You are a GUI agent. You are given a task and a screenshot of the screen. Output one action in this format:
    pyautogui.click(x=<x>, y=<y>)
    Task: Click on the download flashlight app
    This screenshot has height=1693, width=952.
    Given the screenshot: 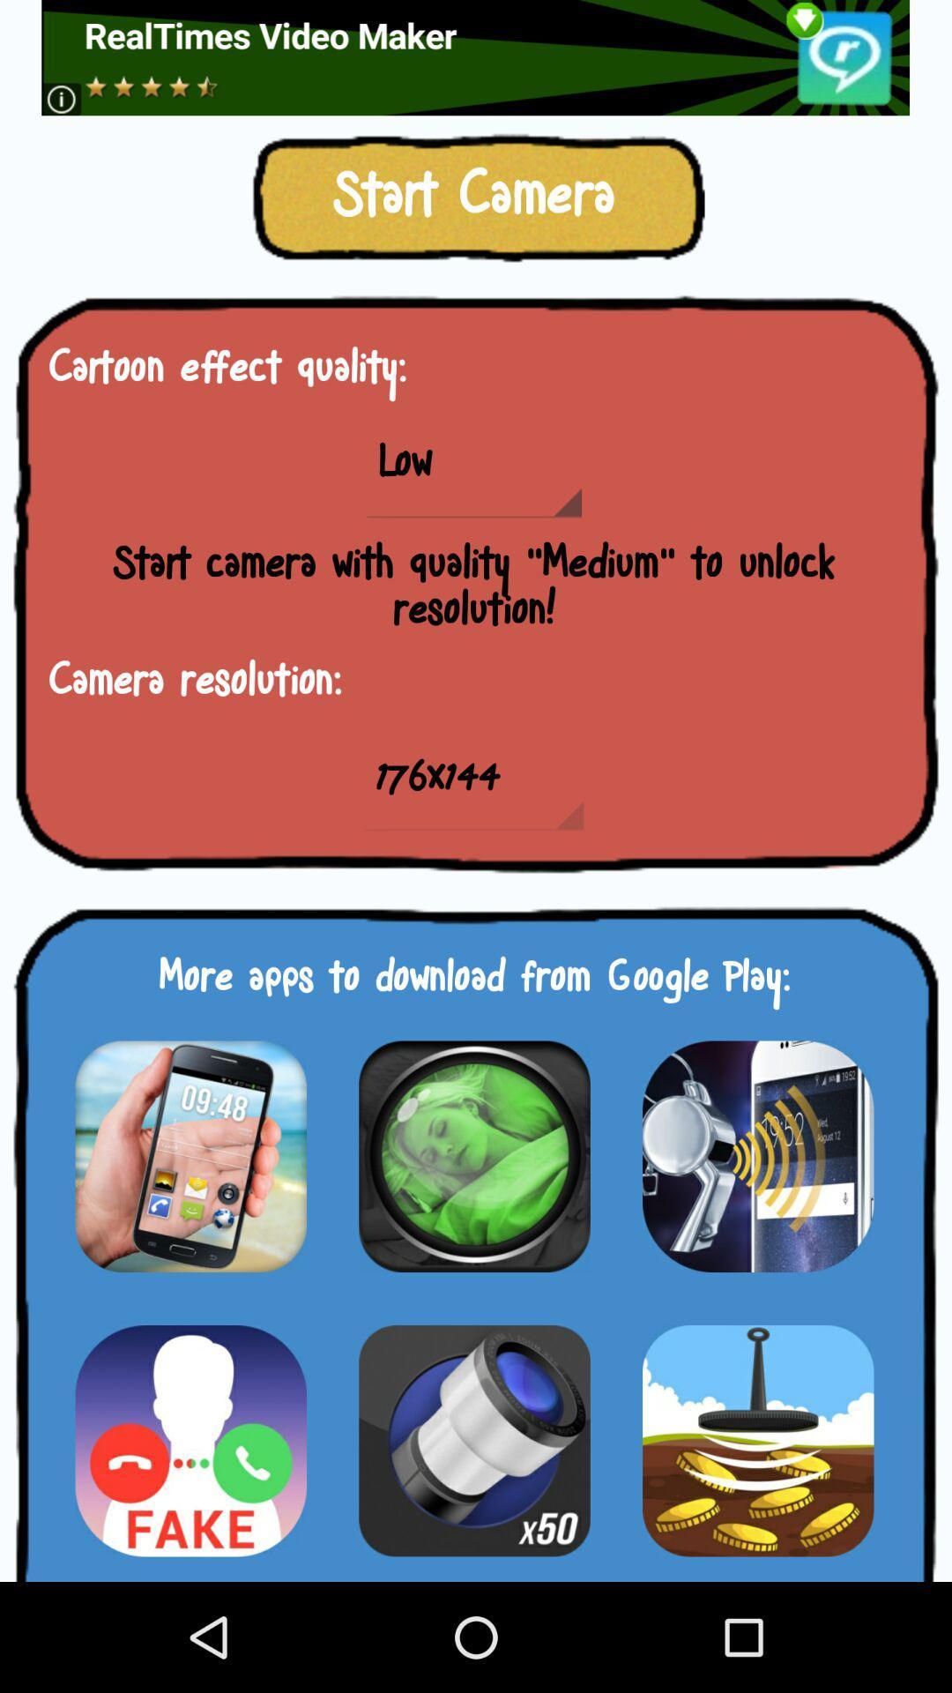 What is the action you would take?
    pyautogui.click(x=473, y=1440)
    